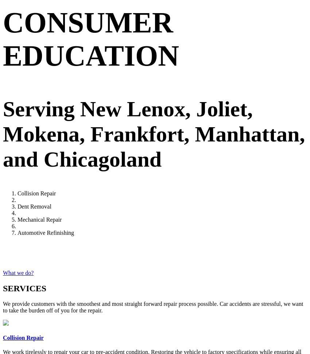  What do you see at coordinates (153, 306) in the screenshot?
I see `'We provide customers with the smoothest and most straight forward repair process possible. Car accidents are stressful, we want to take the burden off of you for the repair.'` at bounding box center [153, 306].